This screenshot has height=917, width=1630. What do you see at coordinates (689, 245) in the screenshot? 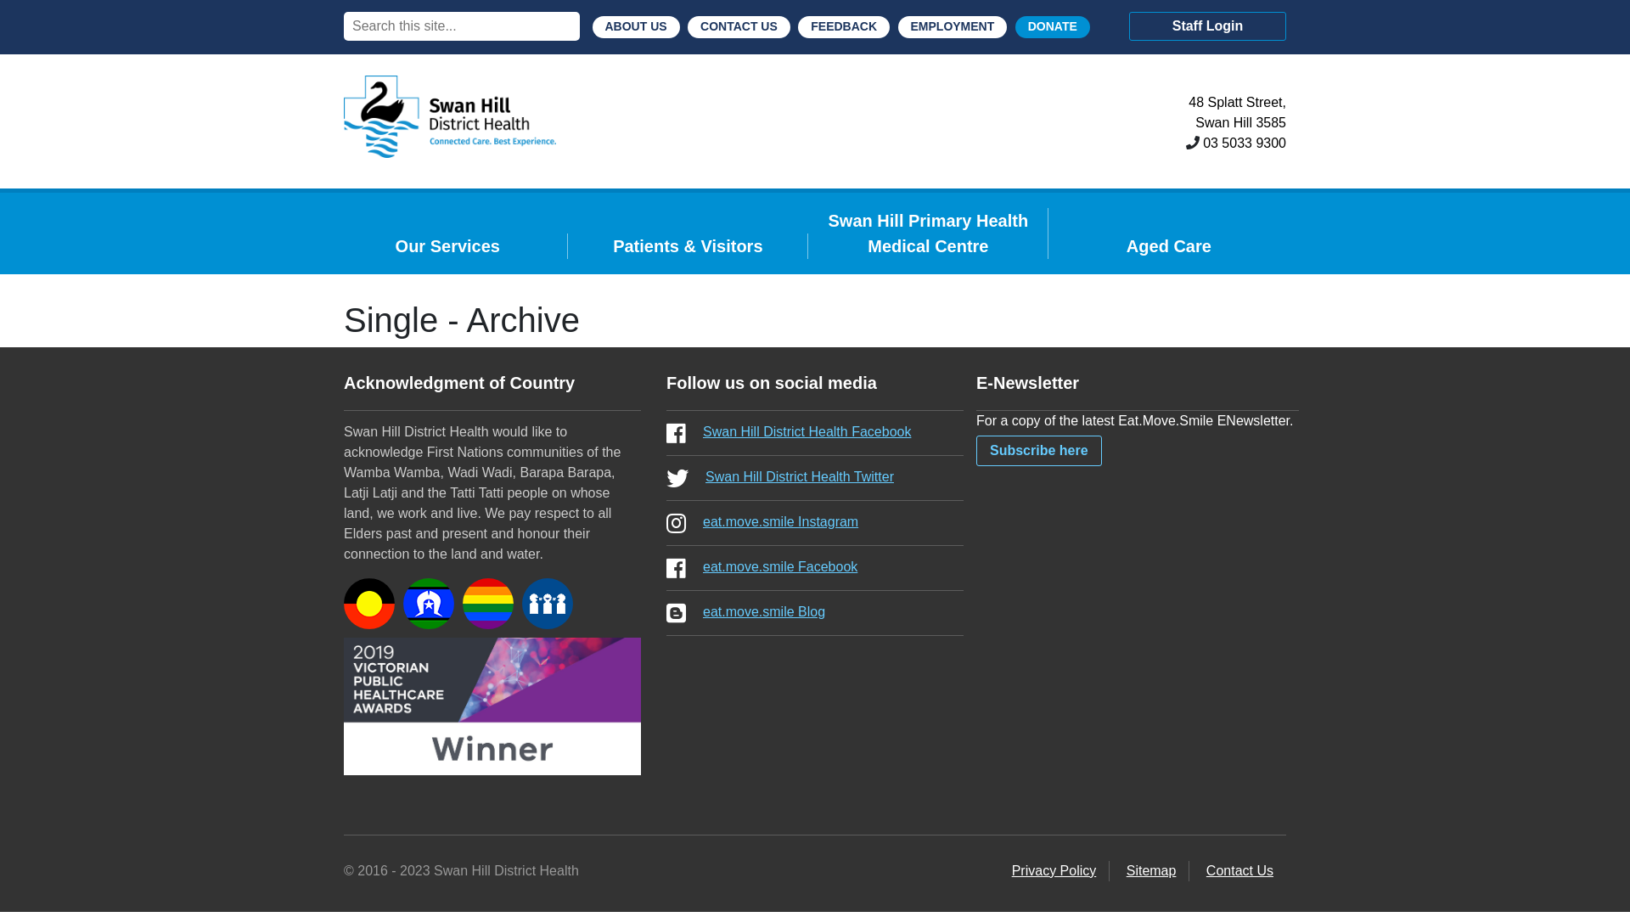
I see `'Patients & Visitors'` at bounding box center [689, 245].